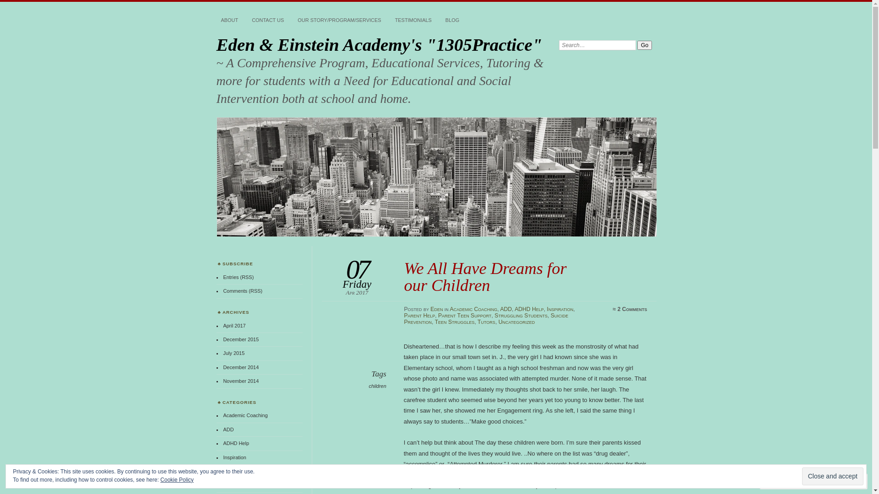 This screenshot has height=494, width=879. What do you see at coordinates (465, 315) in the screenshot?
I see `'Parent Teen Support'` at bounding box center [465, 315].